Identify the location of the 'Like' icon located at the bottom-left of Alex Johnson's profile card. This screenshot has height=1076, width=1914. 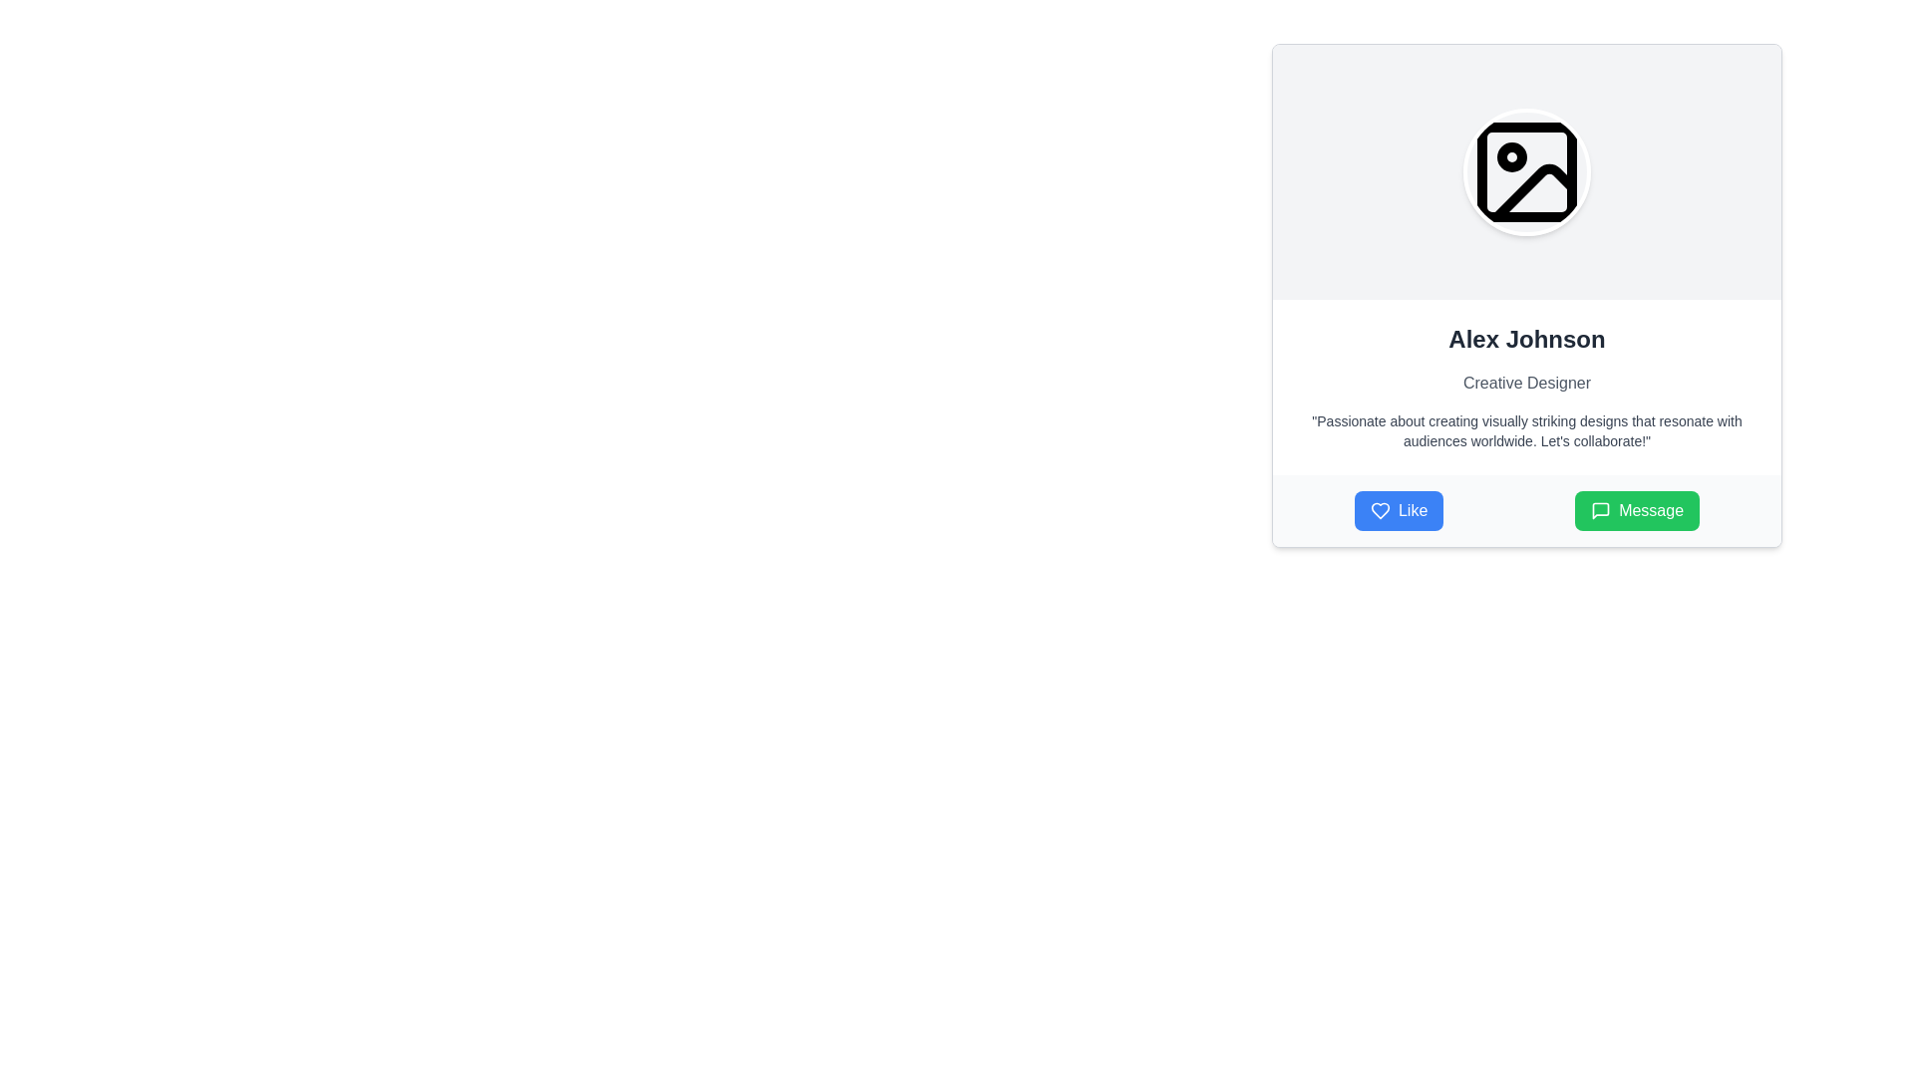
(1379, 510).